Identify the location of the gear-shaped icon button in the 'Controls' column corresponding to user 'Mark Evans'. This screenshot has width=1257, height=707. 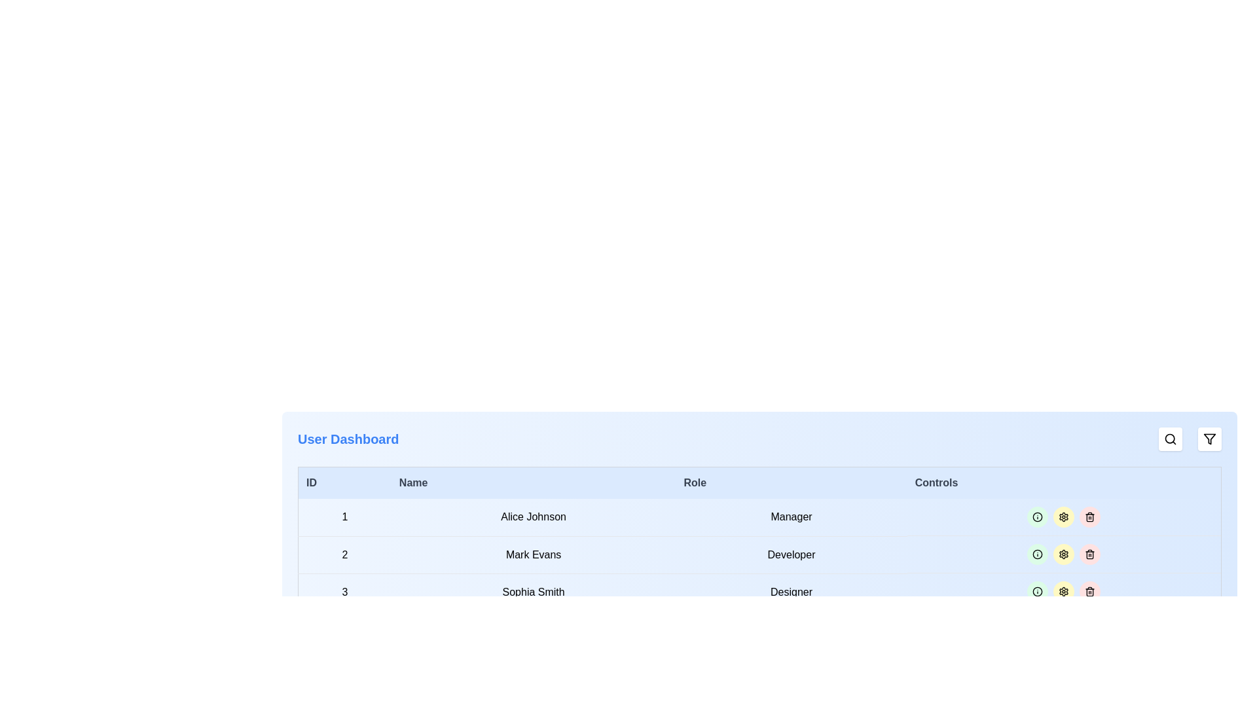
(1064, 591).